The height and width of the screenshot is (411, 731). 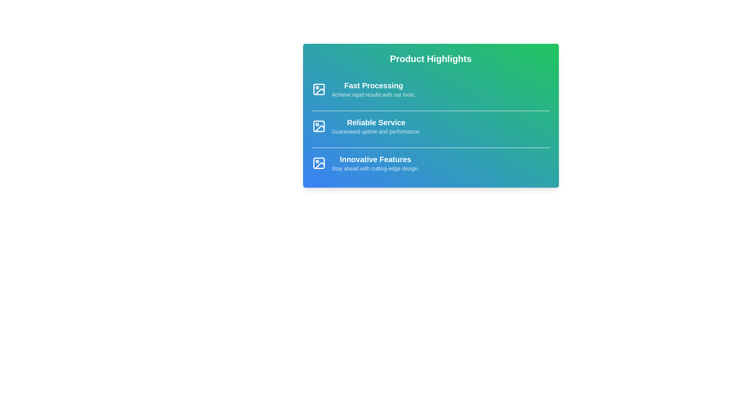 I want to click on the text block titled 'Reliable Service' which describes the feature 'Guaranteed uptime and performance.', so click(x=376, y=126).